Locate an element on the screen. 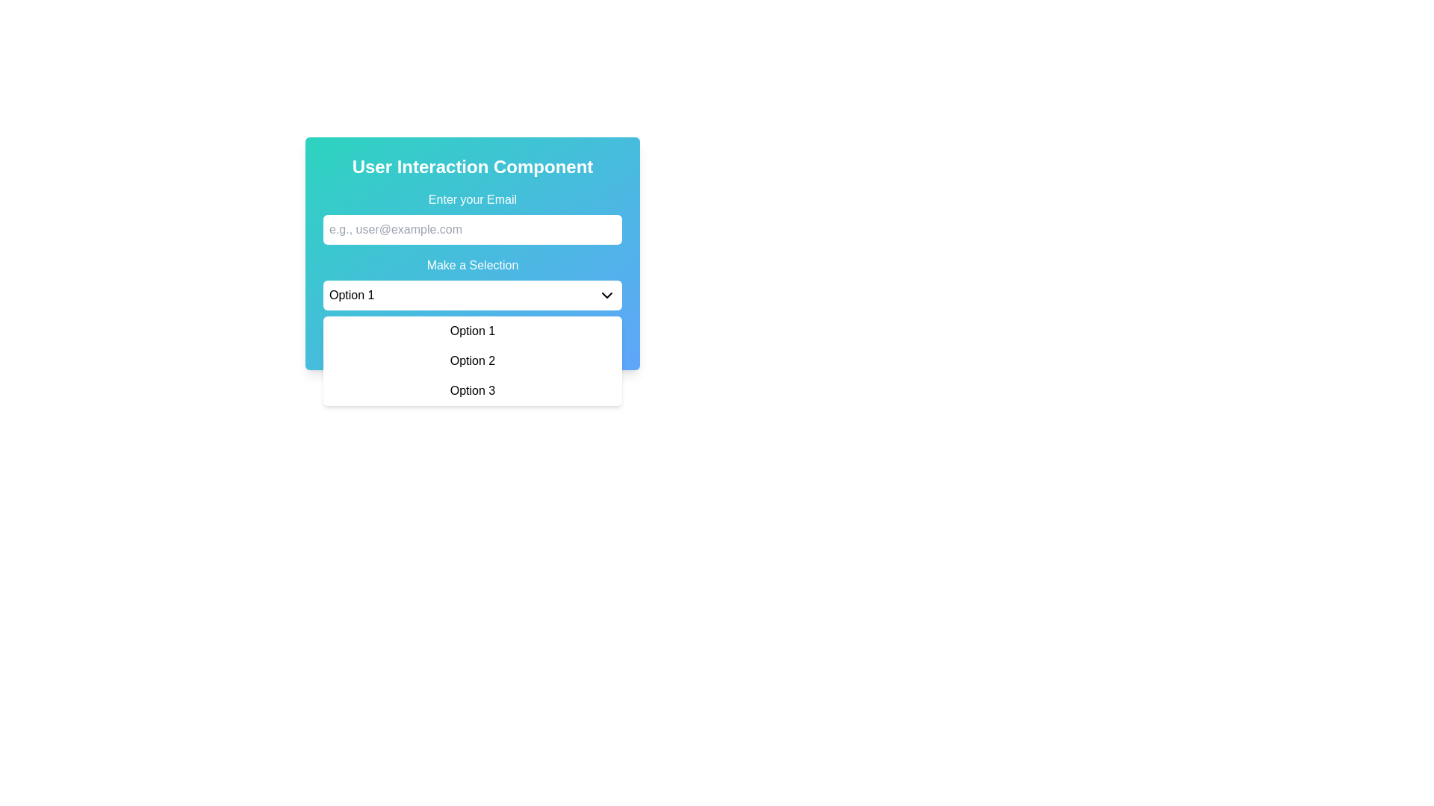  the downward-pointing chevron icon at the far-right end of the bar containing 'Option 1' is located at coordinates (606, 296).